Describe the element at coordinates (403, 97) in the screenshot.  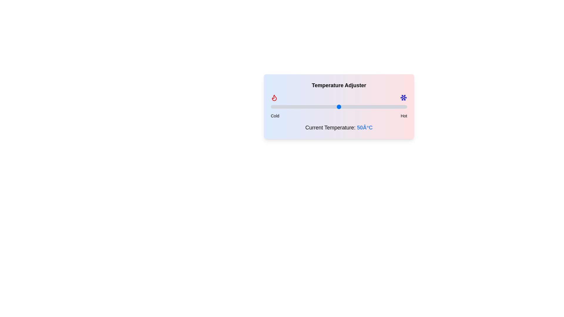
I see `the snowflake icon to observe changes` at that location.